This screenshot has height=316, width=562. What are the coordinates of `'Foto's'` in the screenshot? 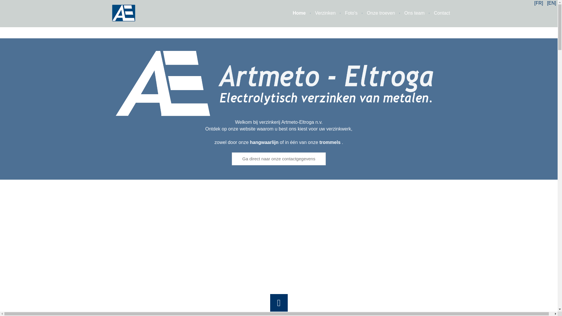 It's located at (347, 13).